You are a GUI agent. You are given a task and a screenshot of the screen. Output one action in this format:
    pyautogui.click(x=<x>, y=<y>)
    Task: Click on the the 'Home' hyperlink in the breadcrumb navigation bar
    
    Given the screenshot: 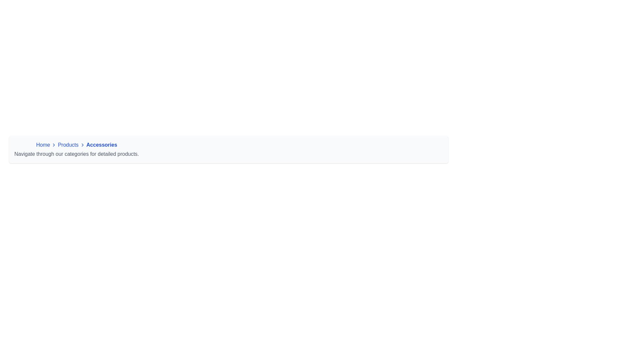 What is the action you would take?
    pyautogui.click(x=43, y=144)
    